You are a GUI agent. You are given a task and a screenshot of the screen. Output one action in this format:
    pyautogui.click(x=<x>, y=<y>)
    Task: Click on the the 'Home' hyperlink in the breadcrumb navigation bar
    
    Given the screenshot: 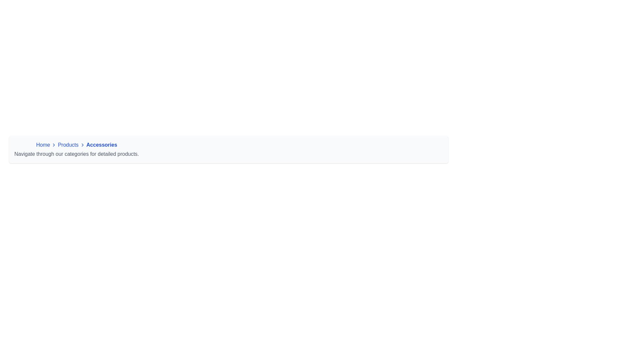 What is the action you would take?
    pyautogui.click(x=43, y=144)
    